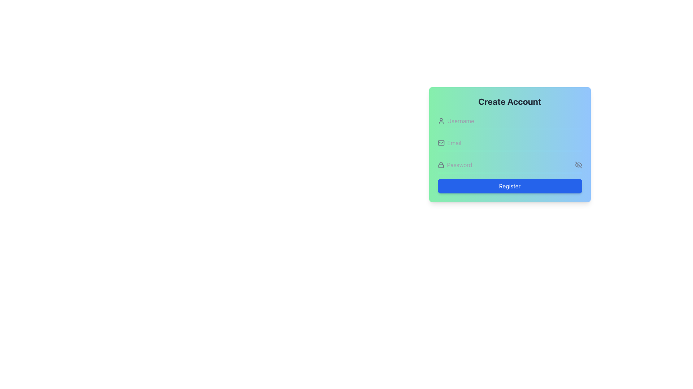 The height and width of the screenshot is (389, 693). What do you see at coordinates (578, 165) in the screenshot?
I see `the password visibility toggle icon located to the right of the 'Password' input field in the account creation form` at bounding box center [578, 165].